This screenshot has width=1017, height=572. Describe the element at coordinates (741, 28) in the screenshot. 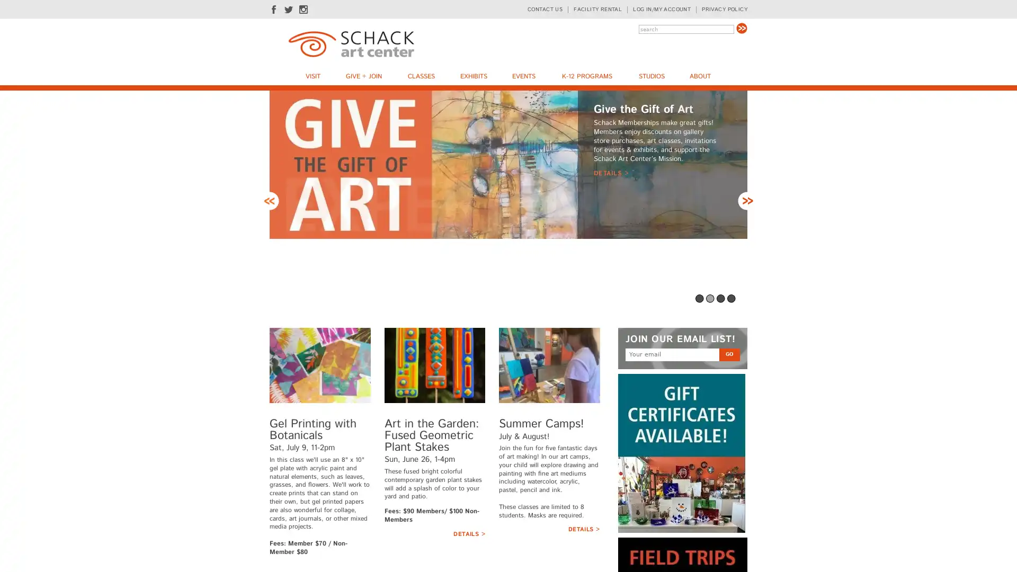

I see `Go` at that location.